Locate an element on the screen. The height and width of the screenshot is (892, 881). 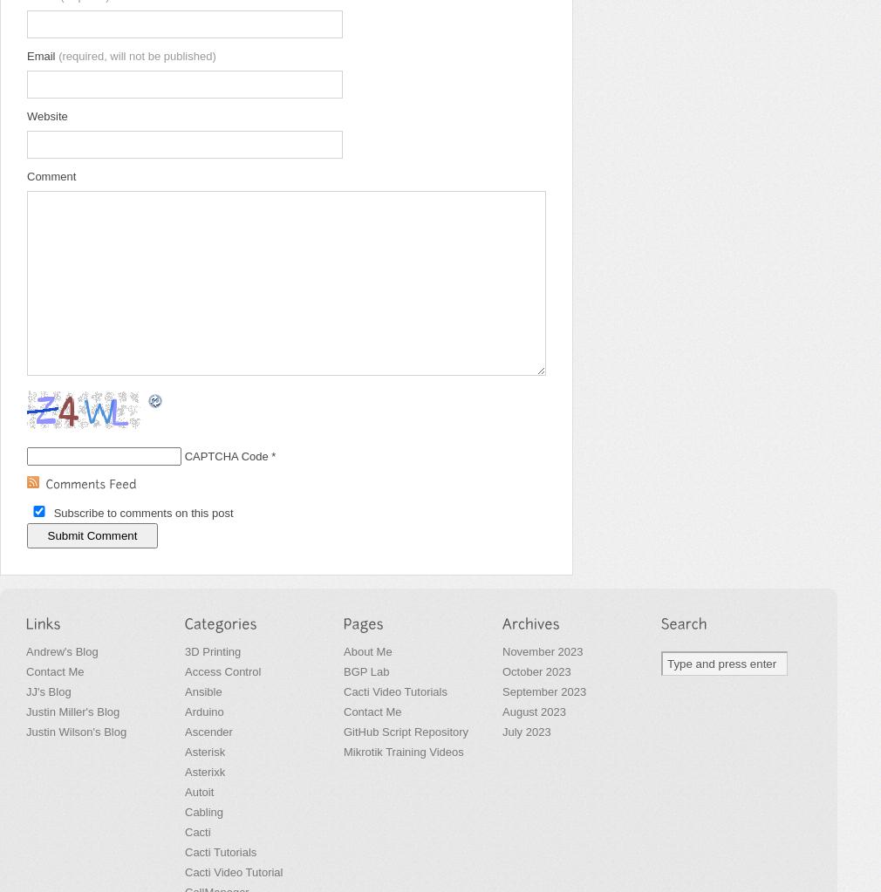
'Subscribe to comments on this post' is located at coordinates (142, 513).